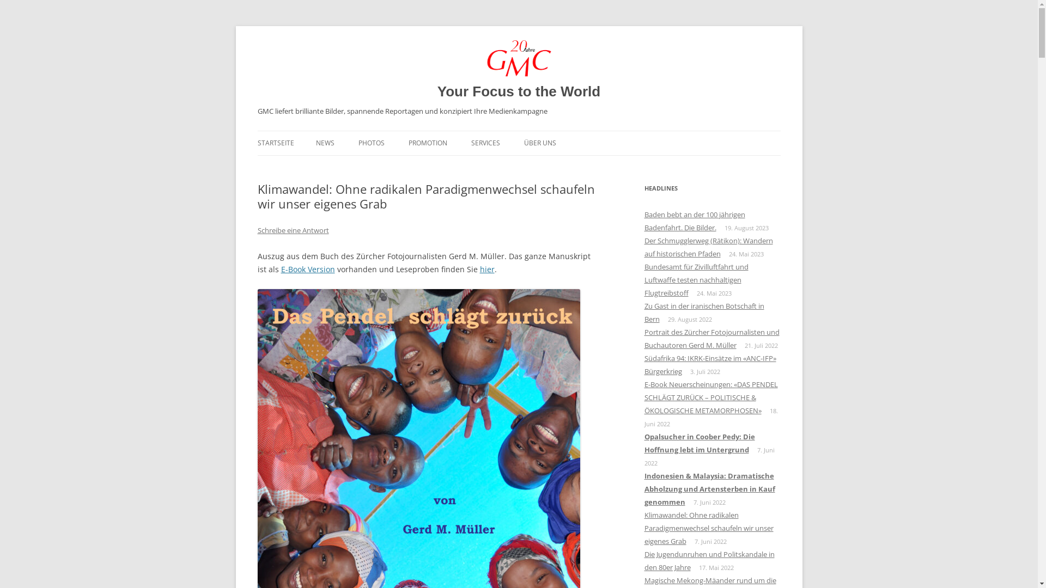  Describe the element at coordinates (281, 269) in the screenshot. I see `'E-Book Version'` at that location.